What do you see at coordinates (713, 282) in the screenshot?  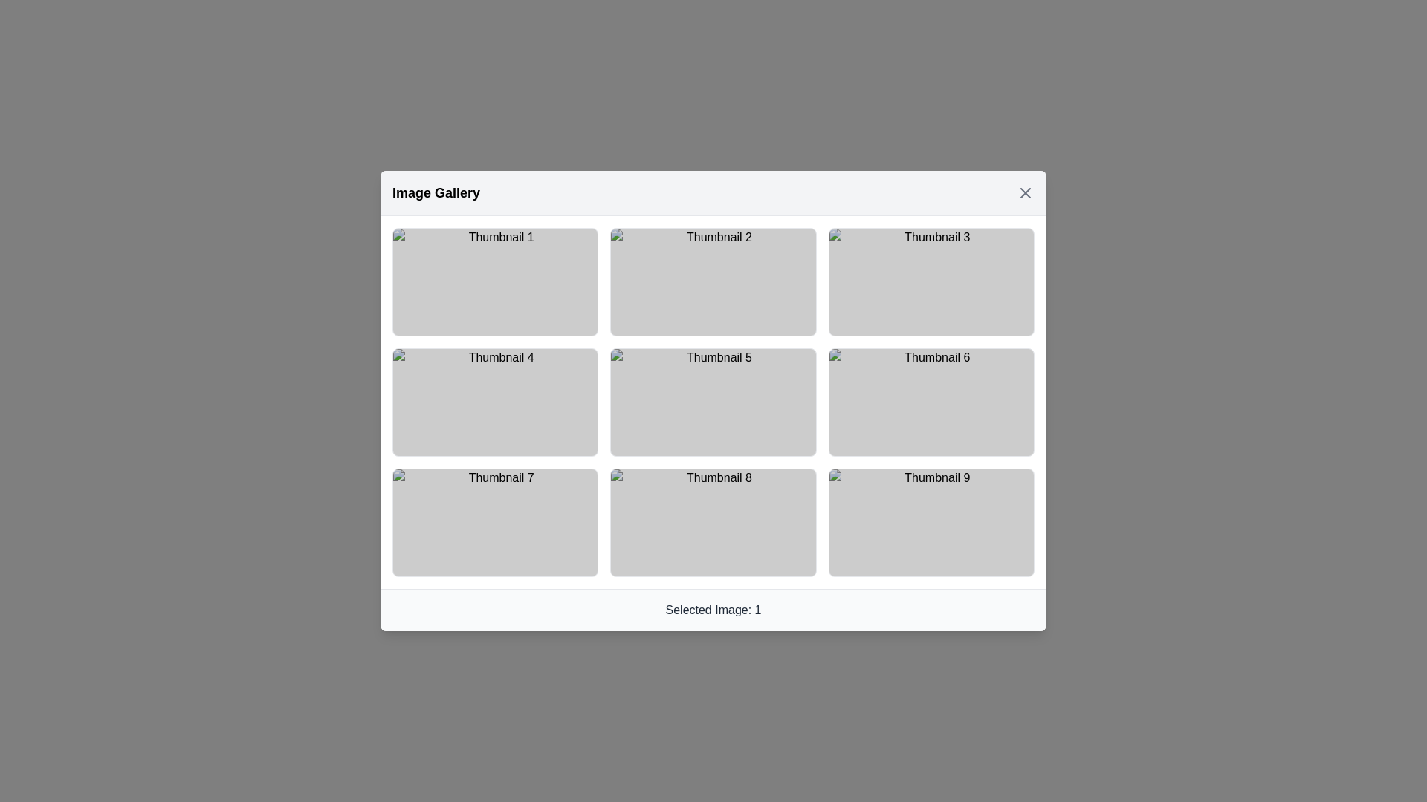 I see `the transparent black background overlay that covers the second thumbnail in the first row of the image gallery grid` at bounding box center [713, 282].